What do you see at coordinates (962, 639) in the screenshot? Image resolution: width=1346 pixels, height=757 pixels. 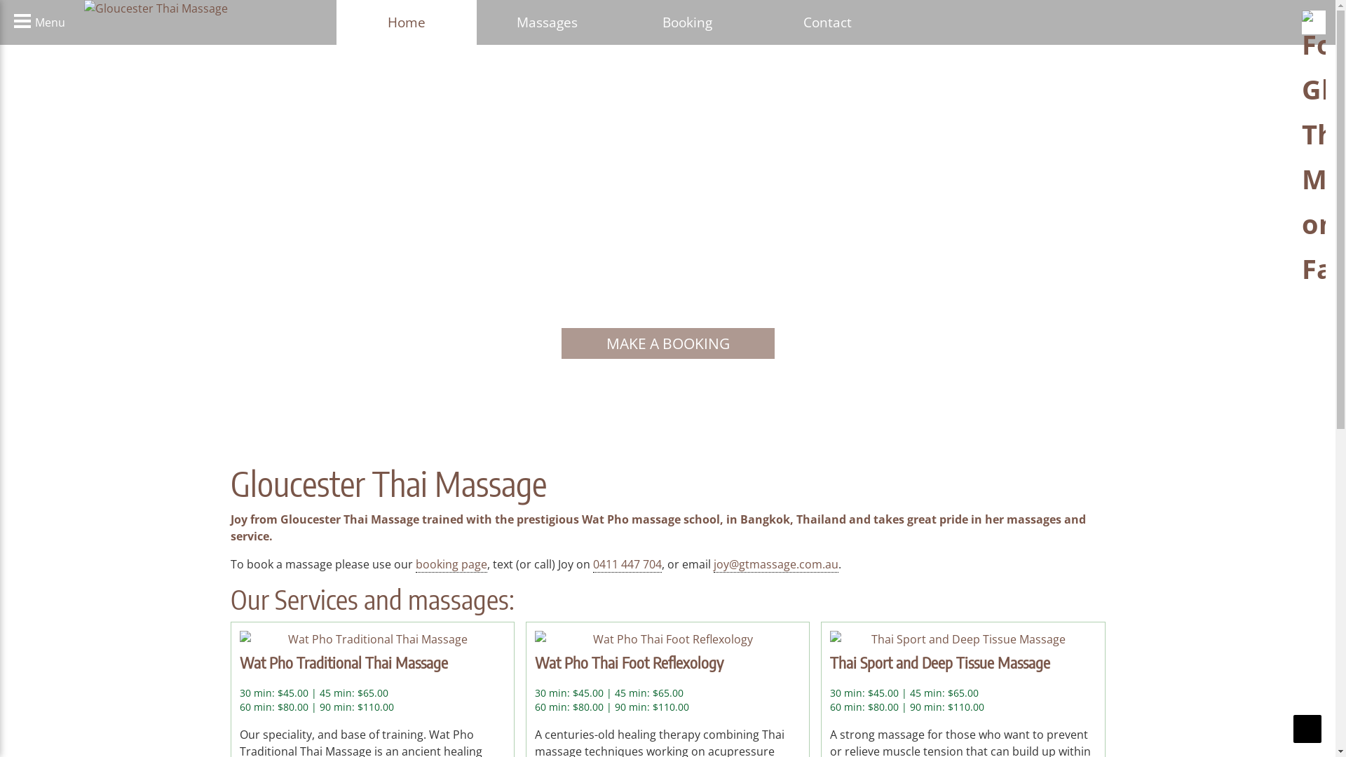 I see `'Thai Sport and Deep Tissue Massage'` at bounding box center [962, 639].